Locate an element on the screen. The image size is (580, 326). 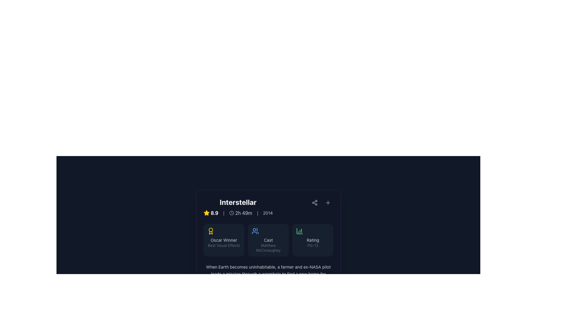
displayed title 'Interstellar' which is presented in a bold white font at the top of the card-like structure is located at coordinates (238, 202).